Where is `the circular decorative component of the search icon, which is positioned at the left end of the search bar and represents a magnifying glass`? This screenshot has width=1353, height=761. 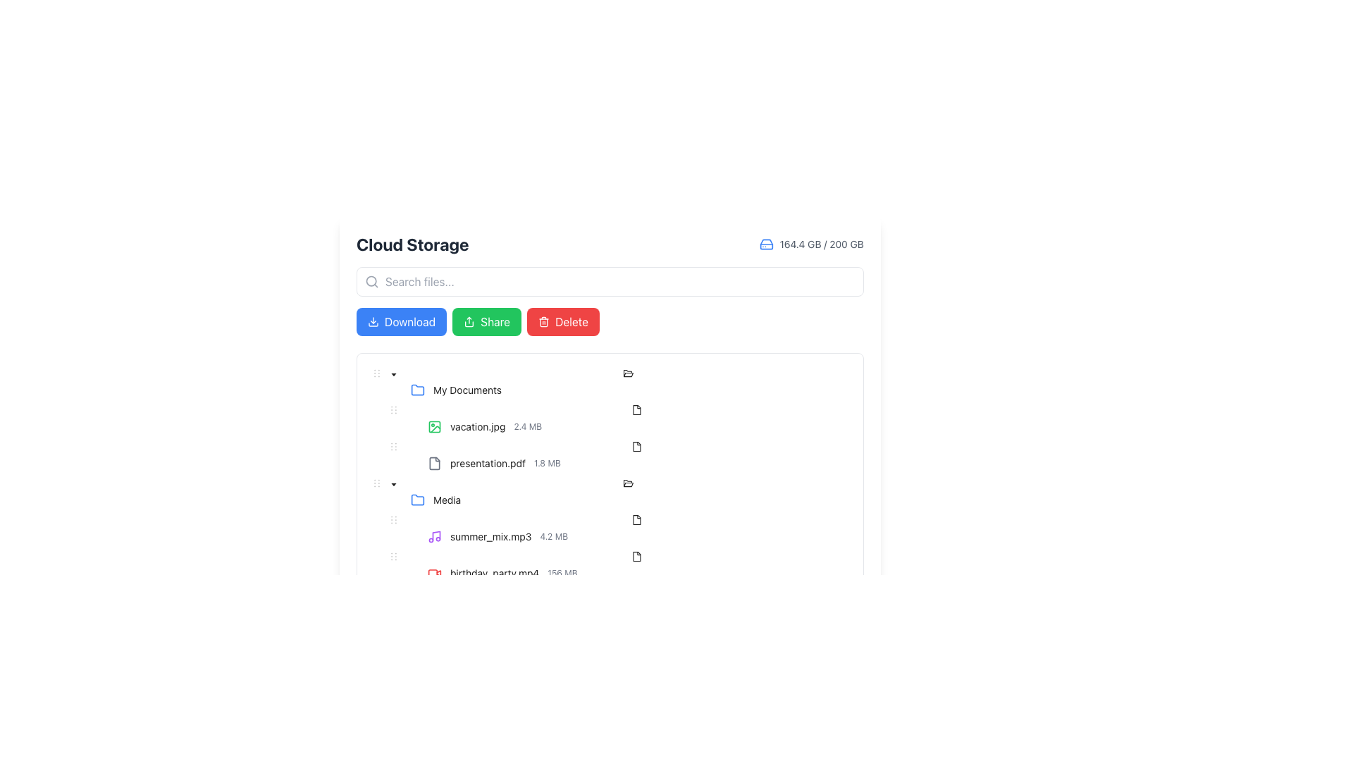
the circular decorative component of the search icon, which is positioned at the left end of the search bar and represents a magnifying glass is located at coordinates (371, 281).